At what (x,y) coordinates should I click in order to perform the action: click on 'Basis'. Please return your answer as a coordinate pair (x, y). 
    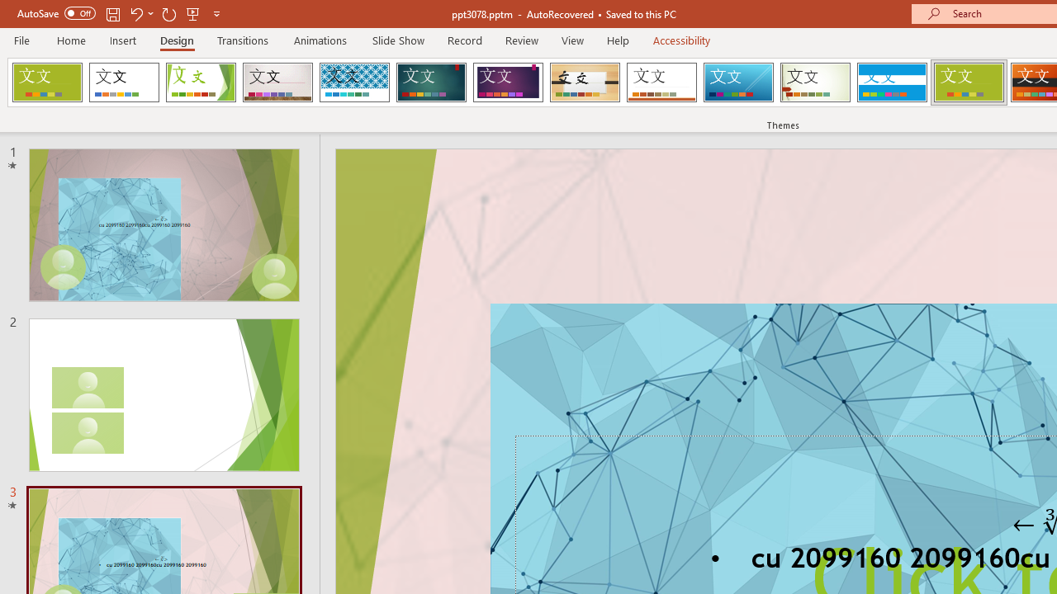
    Looking at the image, I should click on (969, 82).